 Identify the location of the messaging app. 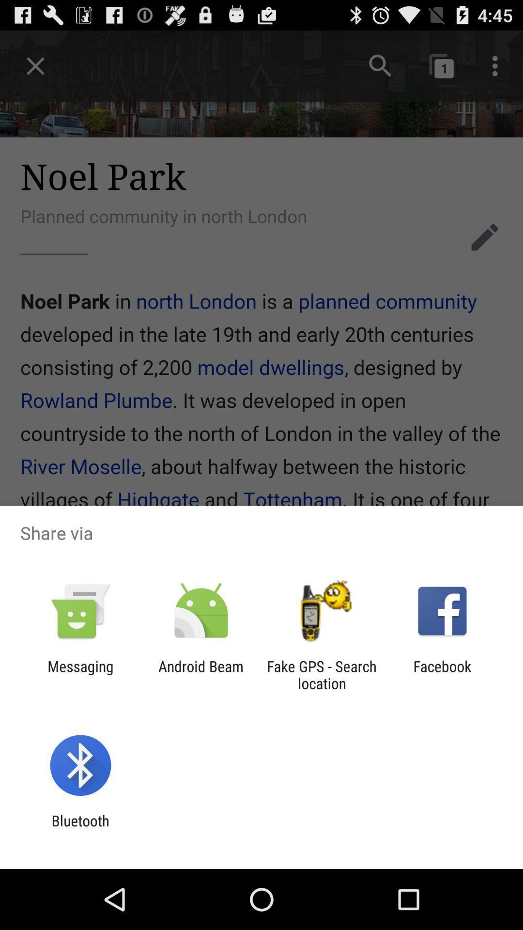
(80, 674).